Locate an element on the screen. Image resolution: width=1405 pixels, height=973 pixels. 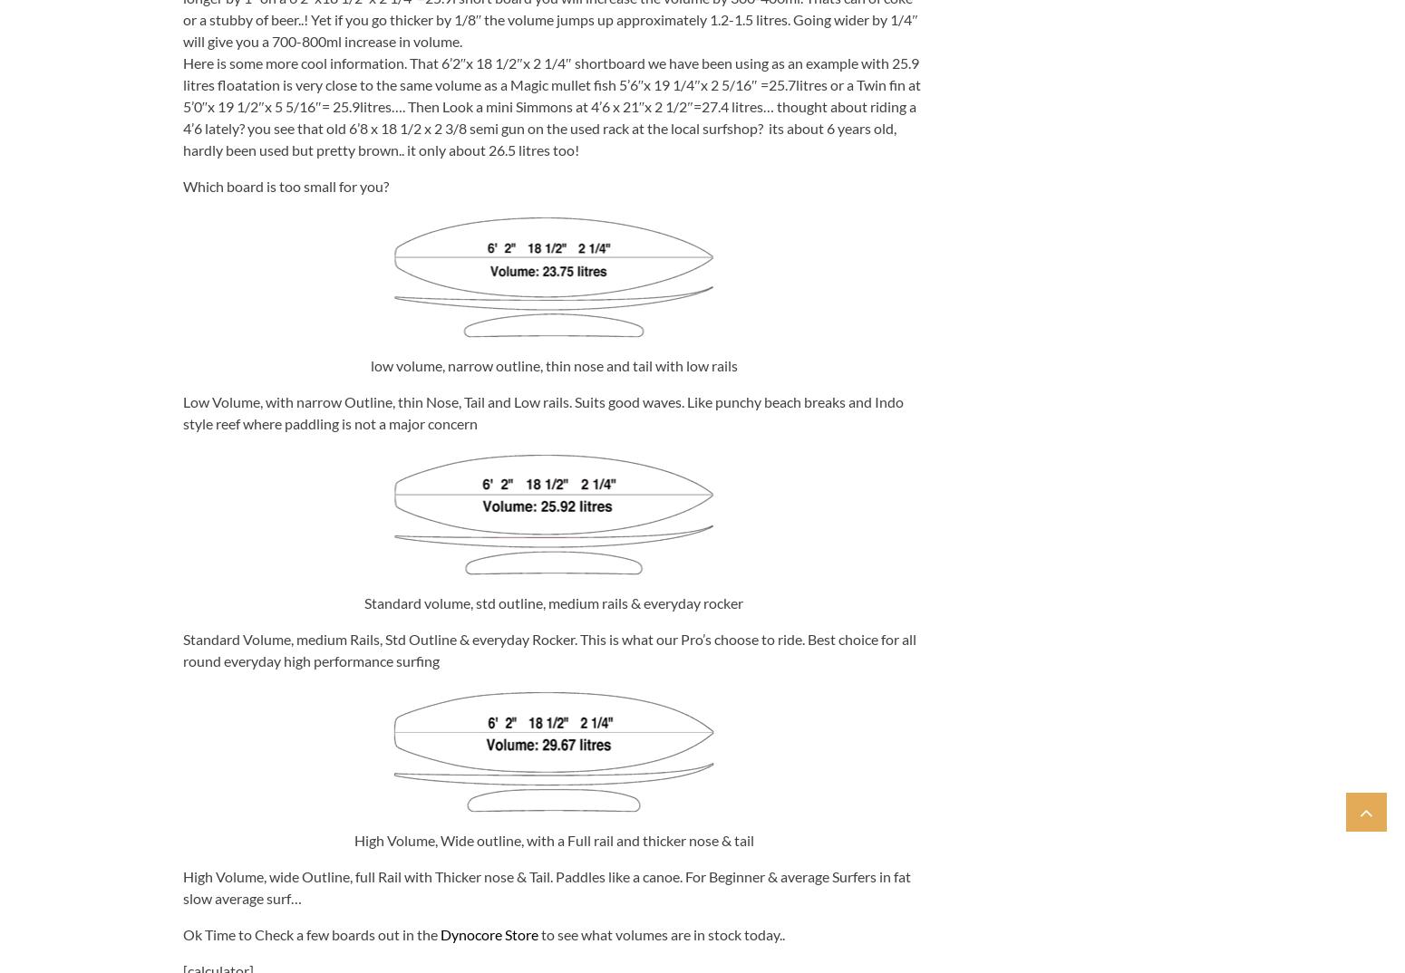
'High Volume, wide Outline, full Rail with Thicker nose & Tail. Paddles like a canoe. For Beginner & average Surfers in fat slow average surf…' is located at coordinates (181, 885).